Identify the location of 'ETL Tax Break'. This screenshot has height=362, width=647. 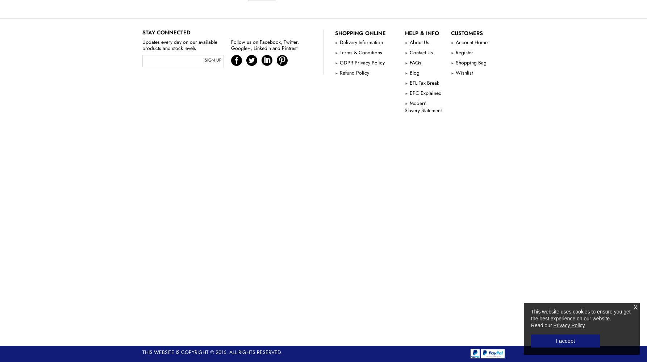
(423, 83).